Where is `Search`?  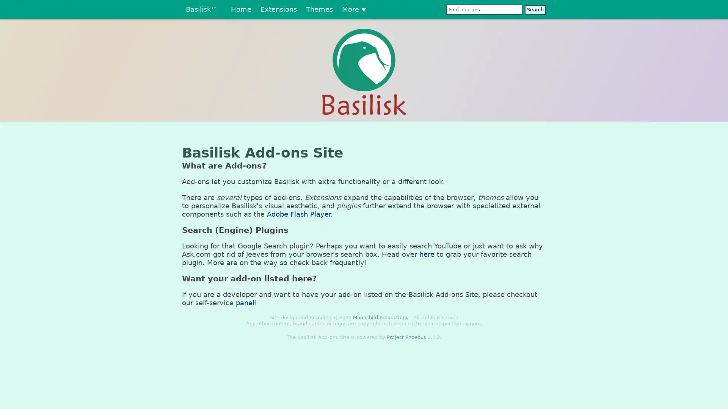 Search is located at coordinates (535, 9).